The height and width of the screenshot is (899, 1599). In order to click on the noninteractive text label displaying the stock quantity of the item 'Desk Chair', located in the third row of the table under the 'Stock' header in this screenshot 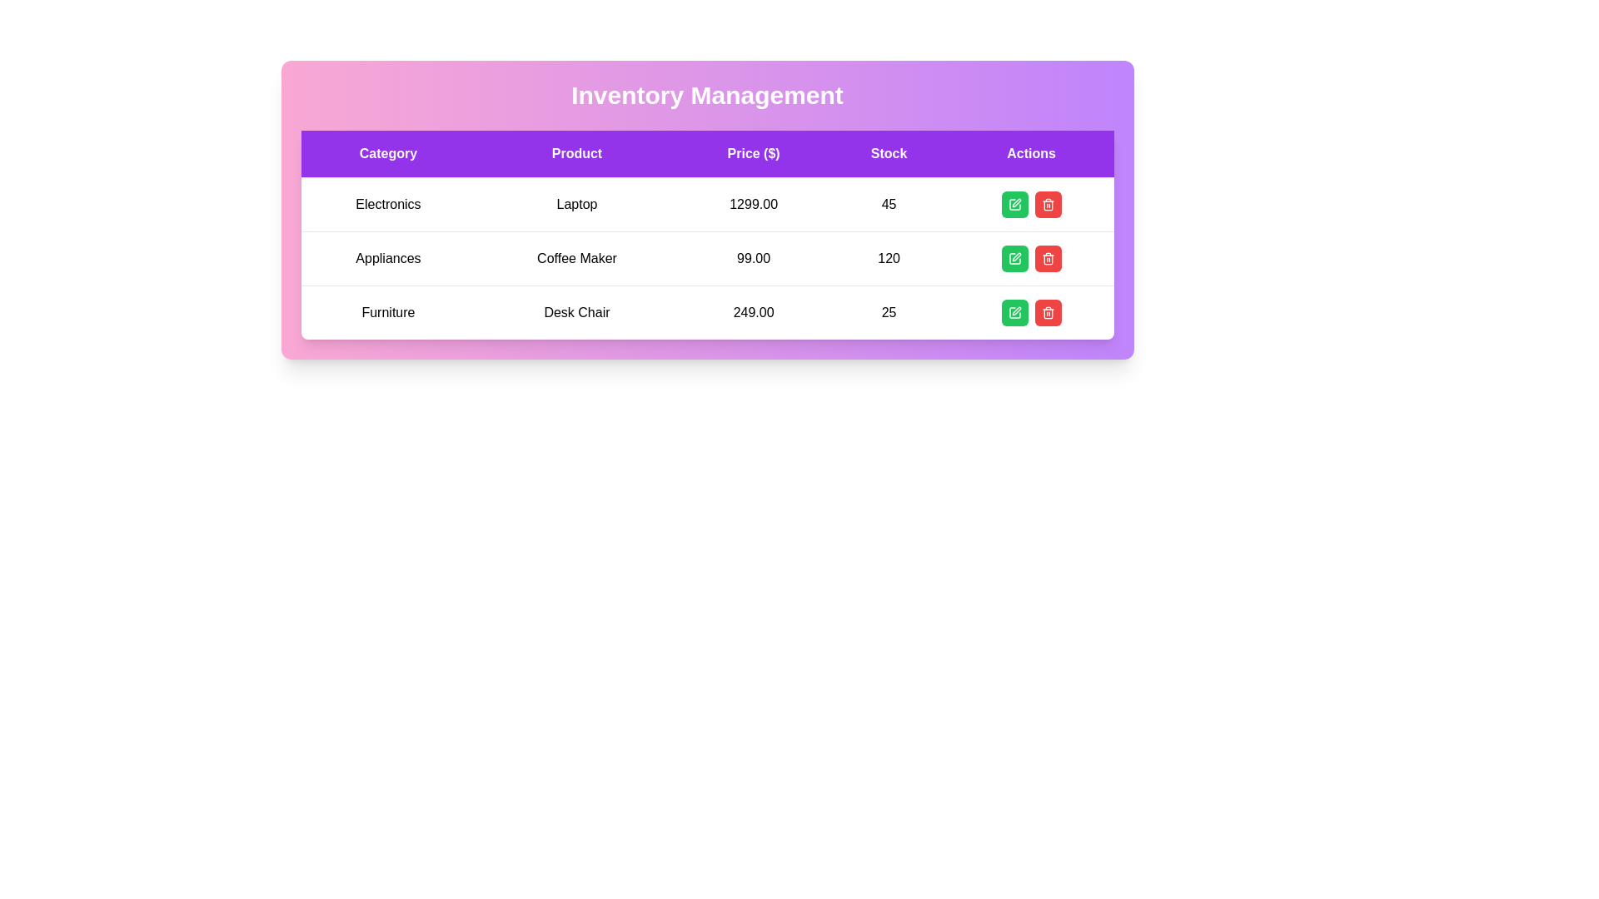, I will do `click(888, 312)`.